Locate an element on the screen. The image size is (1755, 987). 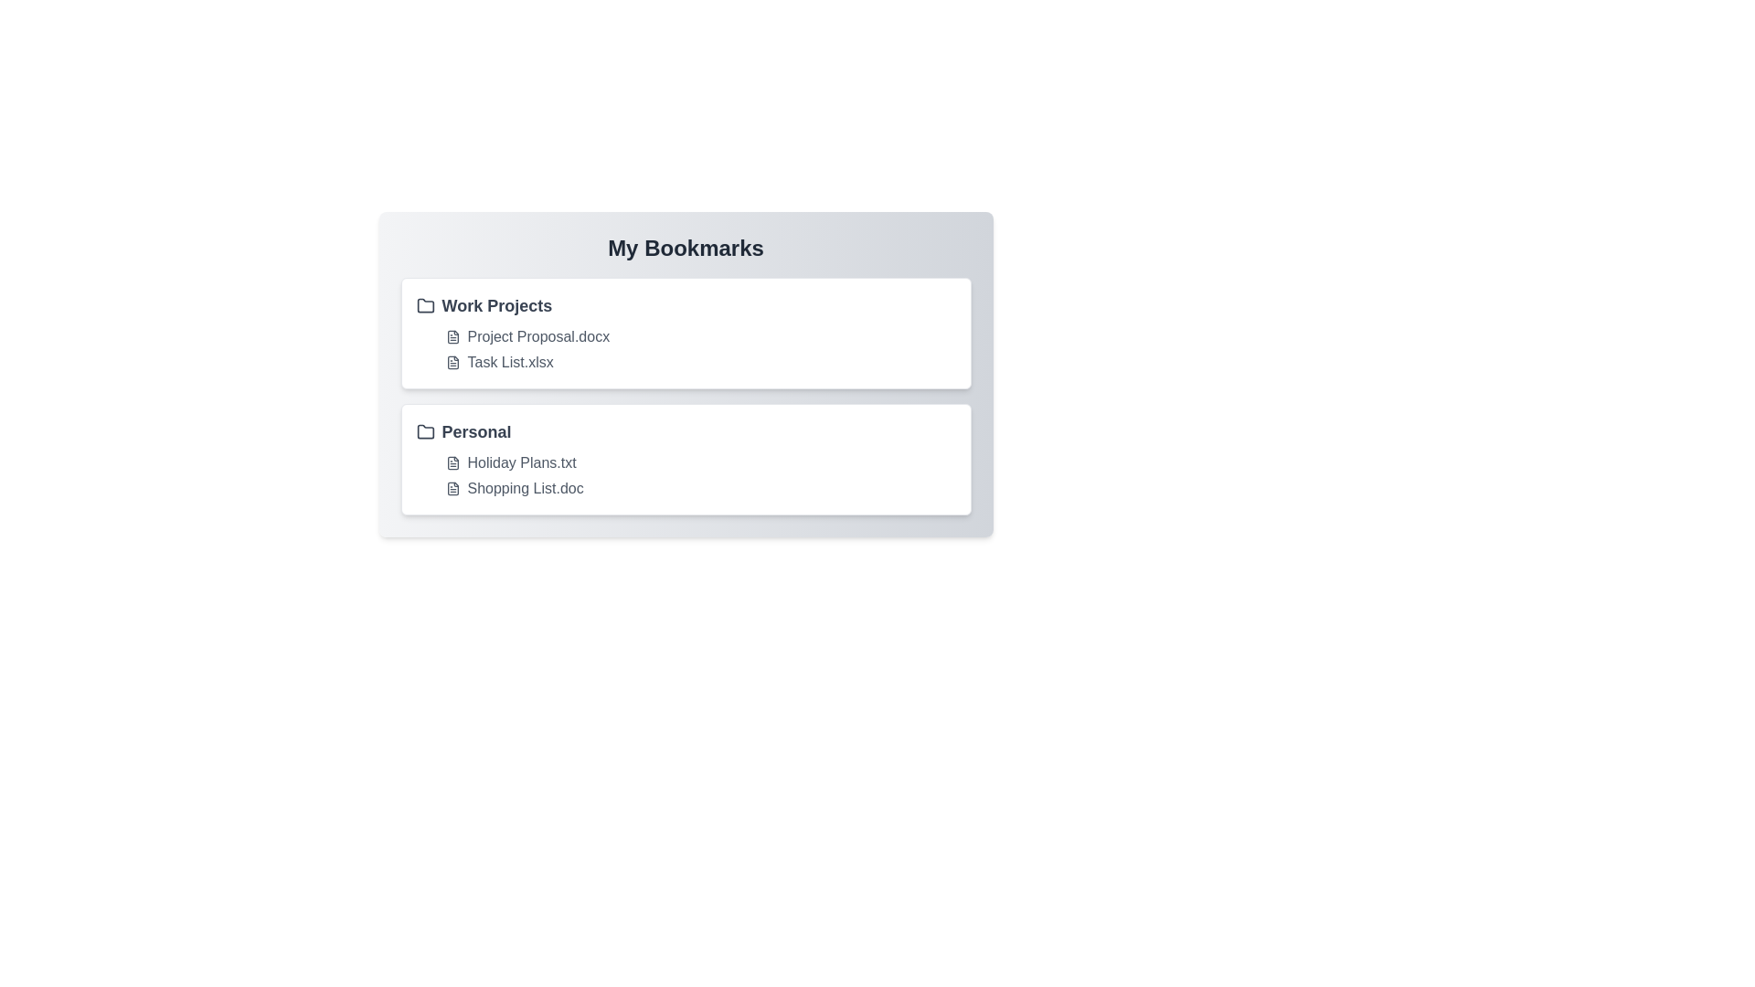
on the text label for the file named 'Holiday Plans.txt' located in the 'Personal' section is located at coordinates (521, 462).